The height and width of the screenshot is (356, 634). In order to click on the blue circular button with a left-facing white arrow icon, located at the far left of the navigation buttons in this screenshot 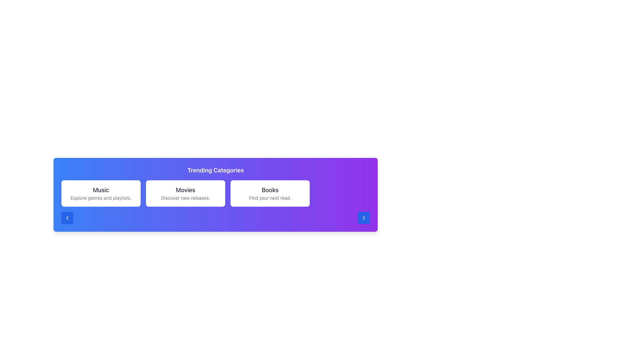, I will do `click(67, 218)`.